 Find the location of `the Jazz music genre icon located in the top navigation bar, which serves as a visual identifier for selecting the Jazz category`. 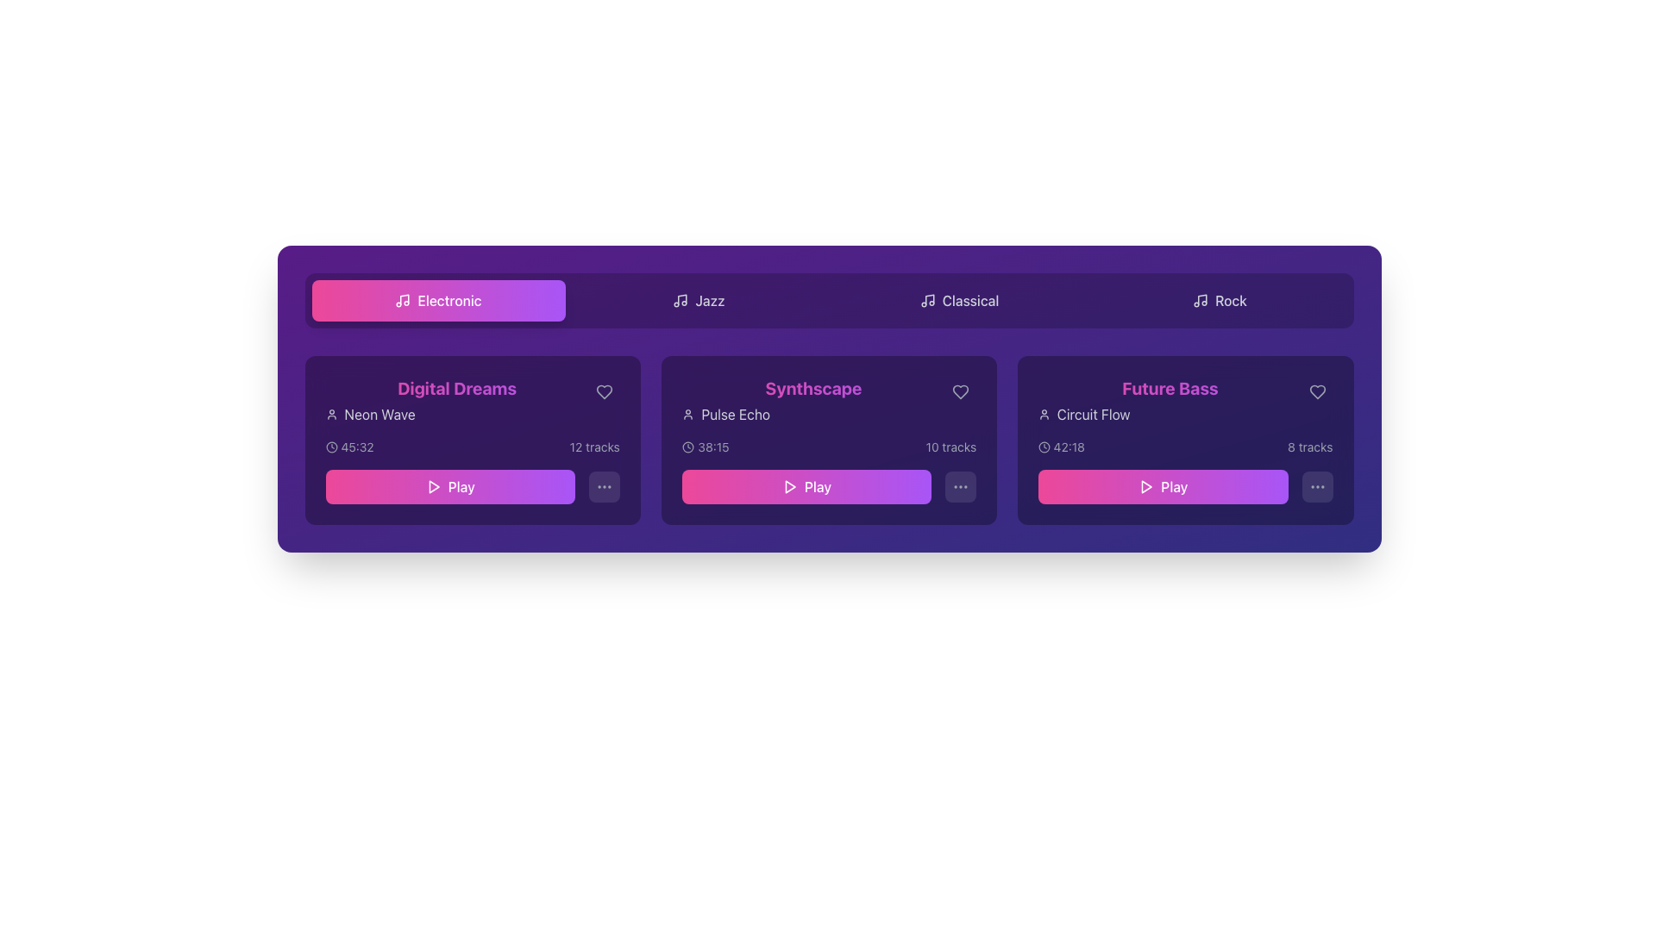

the Jazz music genre icon located in the top navigation bar, which serves as a visual identifier for selecting the Jazz category is located at coordinates (681, 298).